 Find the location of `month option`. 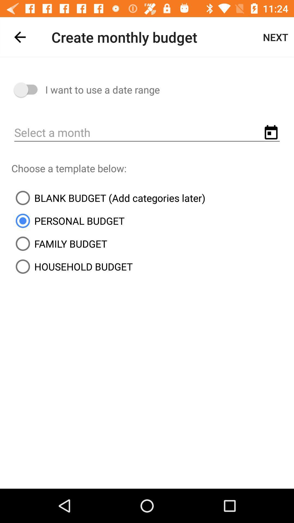

month option is located at coordinates (147, 133).